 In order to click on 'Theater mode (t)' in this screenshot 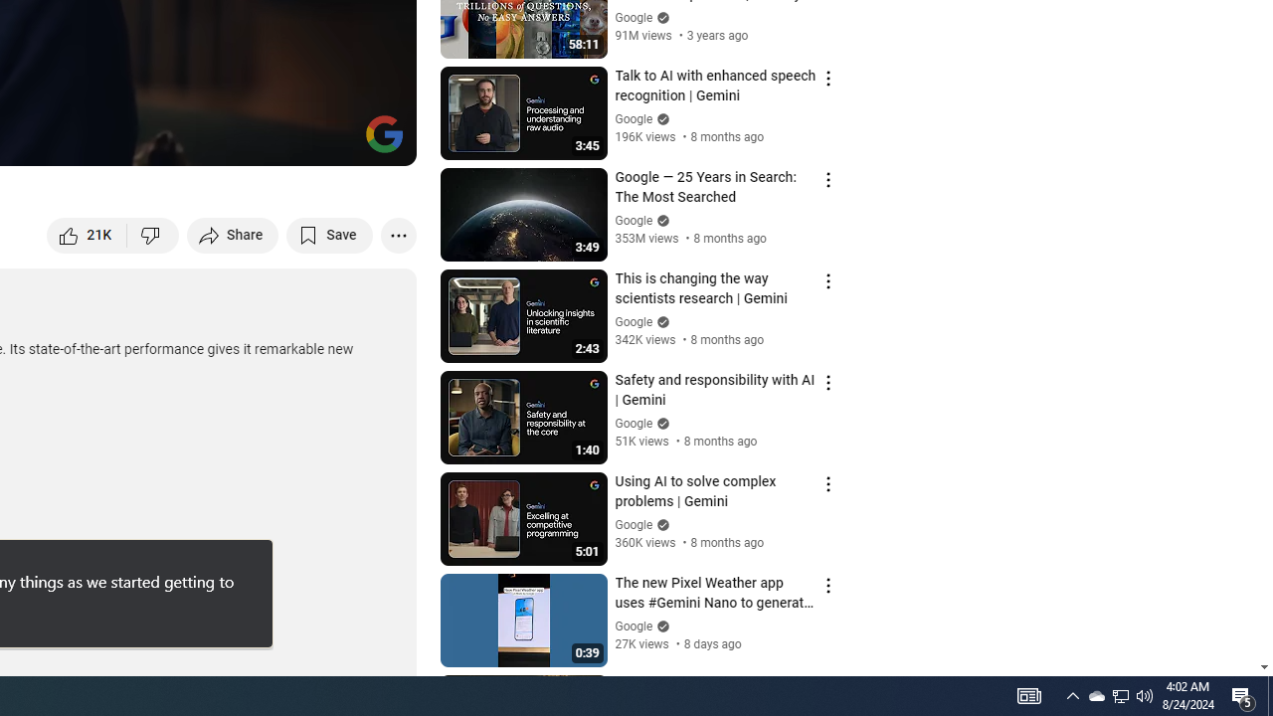, I will do `click(332, 140)`.